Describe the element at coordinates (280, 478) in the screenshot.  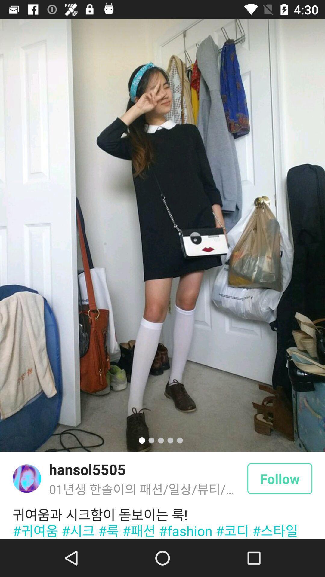
I see `follow` at that location.